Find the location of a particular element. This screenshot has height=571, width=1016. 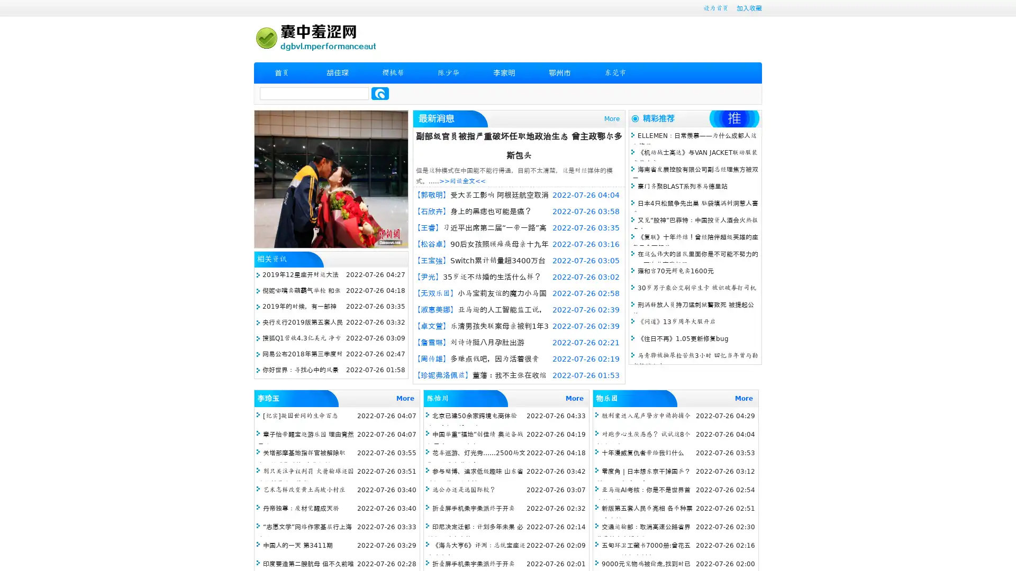

Search is located at coordinates (380, 93).